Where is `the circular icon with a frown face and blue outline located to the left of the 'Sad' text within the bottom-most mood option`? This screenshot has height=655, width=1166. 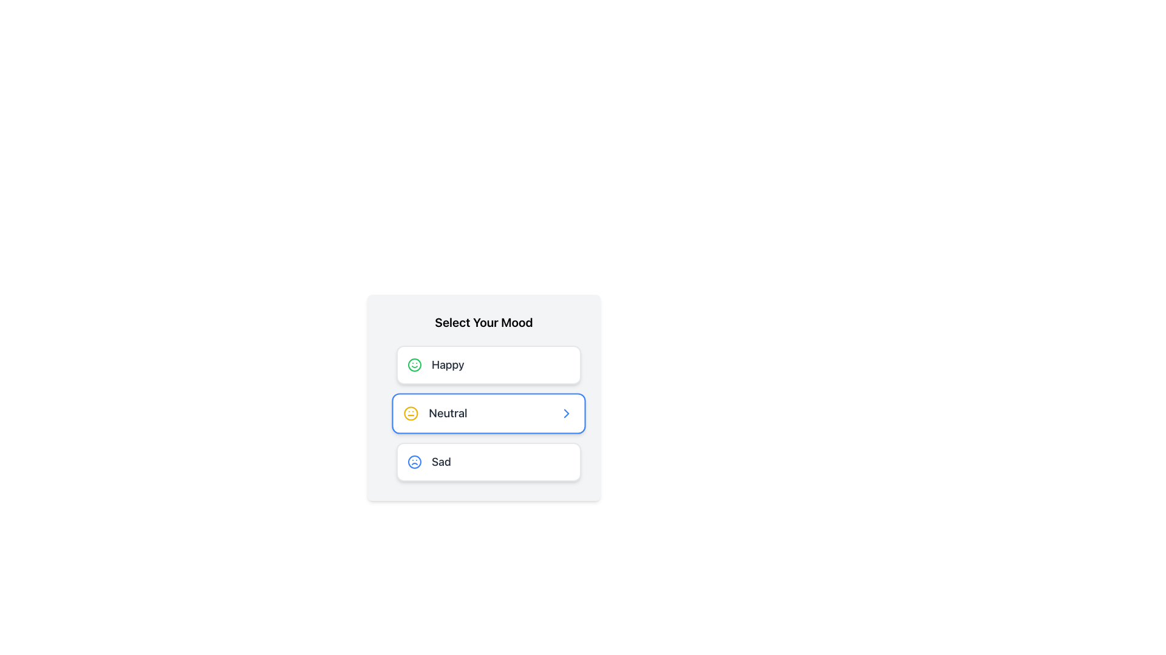
the circular icon with a frown face and blue outline located to the left of the 'Sad' text within the bottom-most mood option is located at coordinates (414, 462).